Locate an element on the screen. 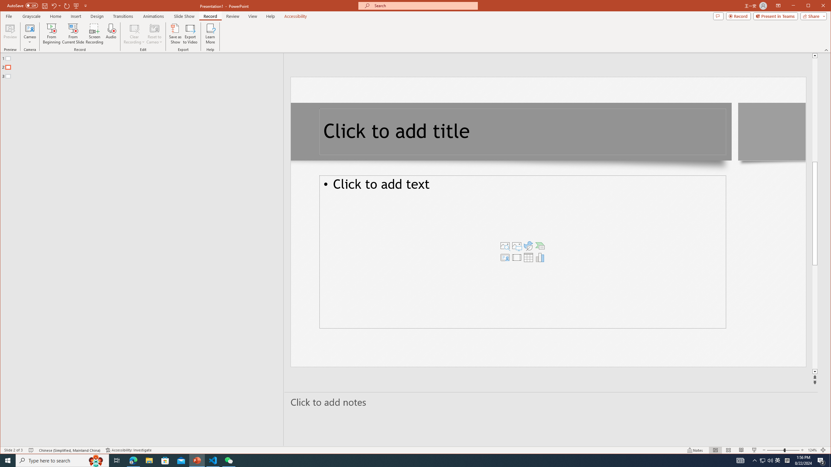 This screenshot has width=831, height=467. 'Audio' is located at coordinates (111, 33).